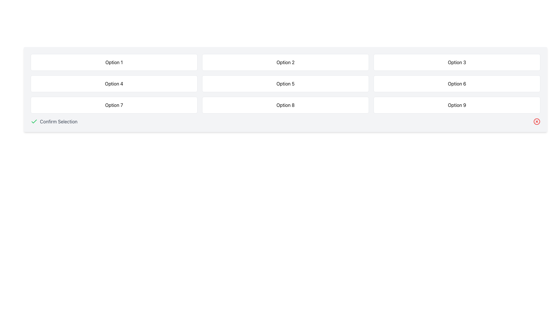  I want to click on the Card-like selectable button labeled 'Option 7' which is located in the third row and first column of a 3x3 grid layout, so click(114, 105).